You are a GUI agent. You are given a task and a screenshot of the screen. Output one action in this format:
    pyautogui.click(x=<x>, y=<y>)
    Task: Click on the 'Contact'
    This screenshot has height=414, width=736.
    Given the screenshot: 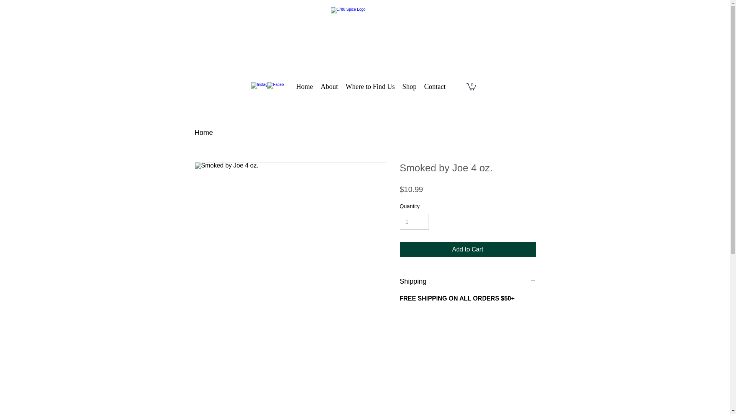 What is the action you would take?
    pyautogui.click(x=419, y=86)
    